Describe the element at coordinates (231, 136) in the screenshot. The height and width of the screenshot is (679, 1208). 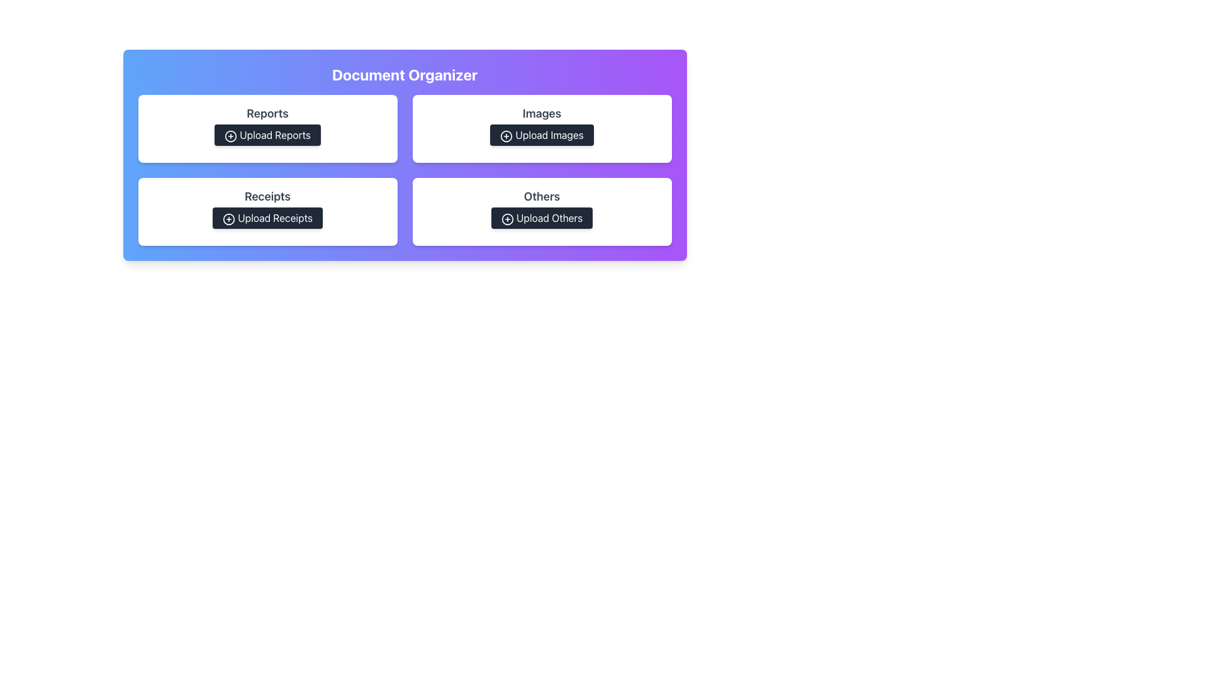
I see `the addition/upload icon within the 'Upload Reports' button located in the top-left section of the grid layout` at that location.